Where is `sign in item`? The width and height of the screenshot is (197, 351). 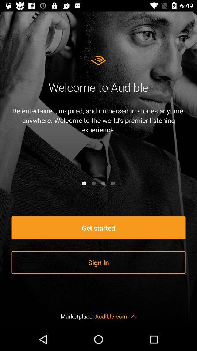 sign in item is located at coordinates (98, 263).